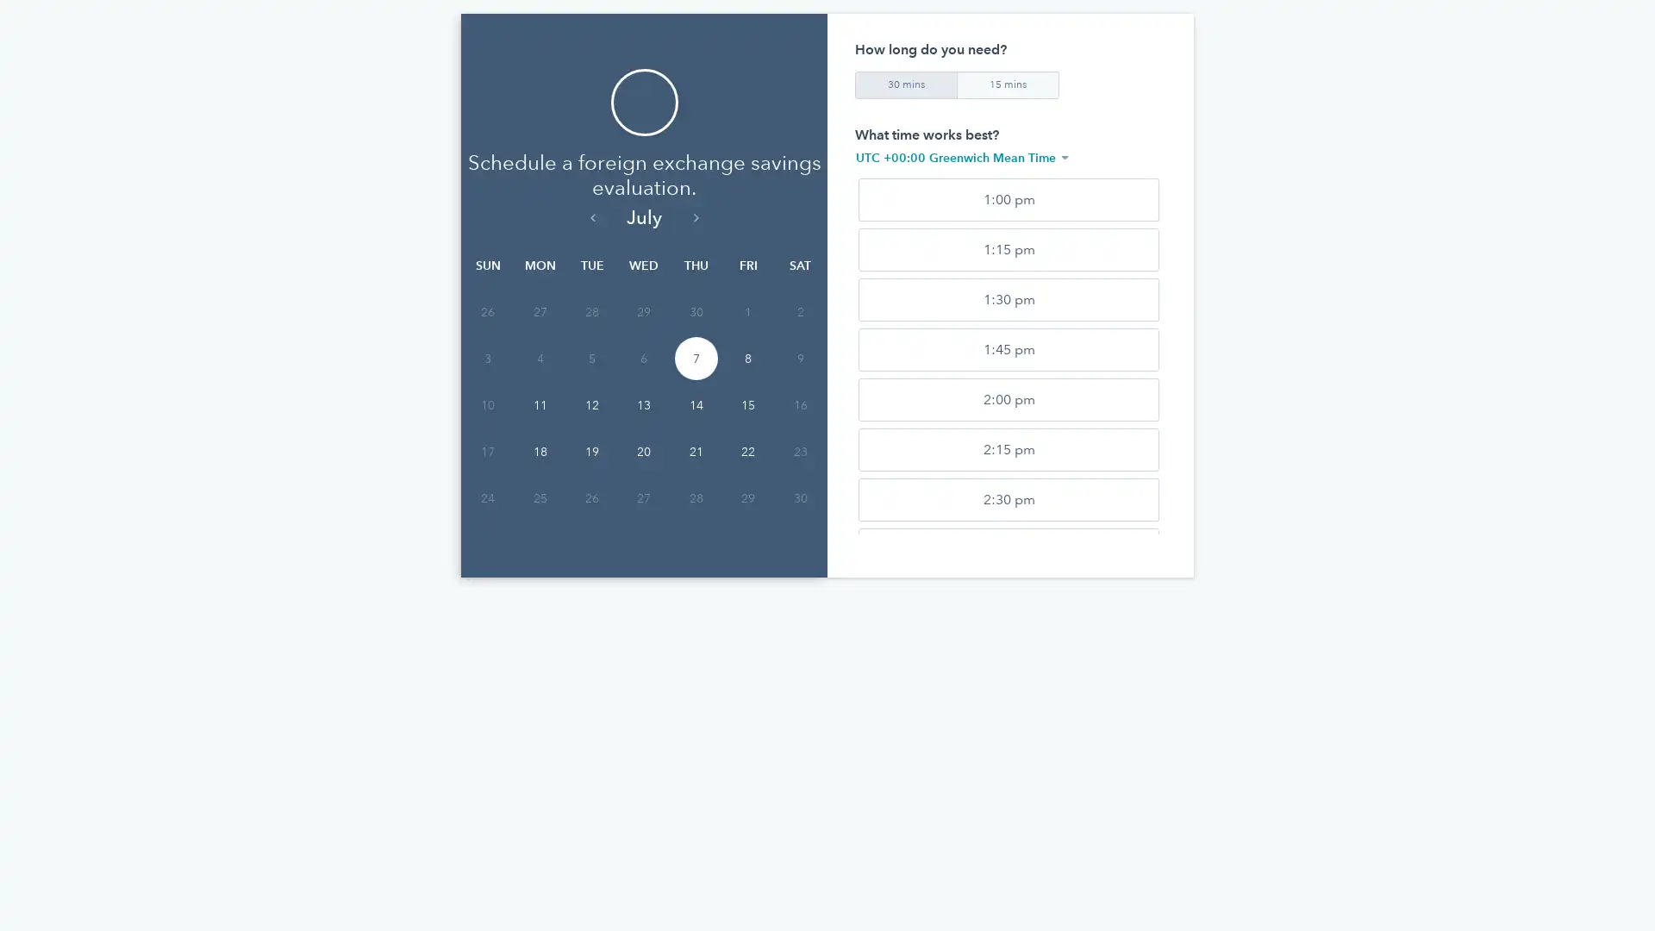  What do you see at coordinates (798, 498) in the screenshot?
I see `July 30th` at bounding box center [798, 498].